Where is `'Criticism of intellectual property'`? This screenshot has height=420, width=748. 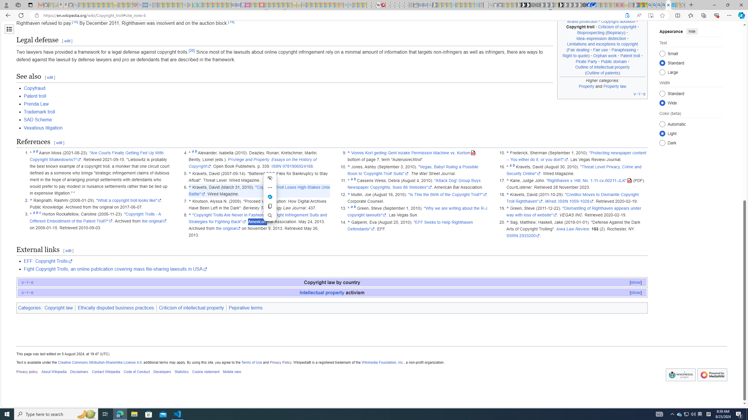
'Criticism of intellectual property' is located at coordinates (191, 308).